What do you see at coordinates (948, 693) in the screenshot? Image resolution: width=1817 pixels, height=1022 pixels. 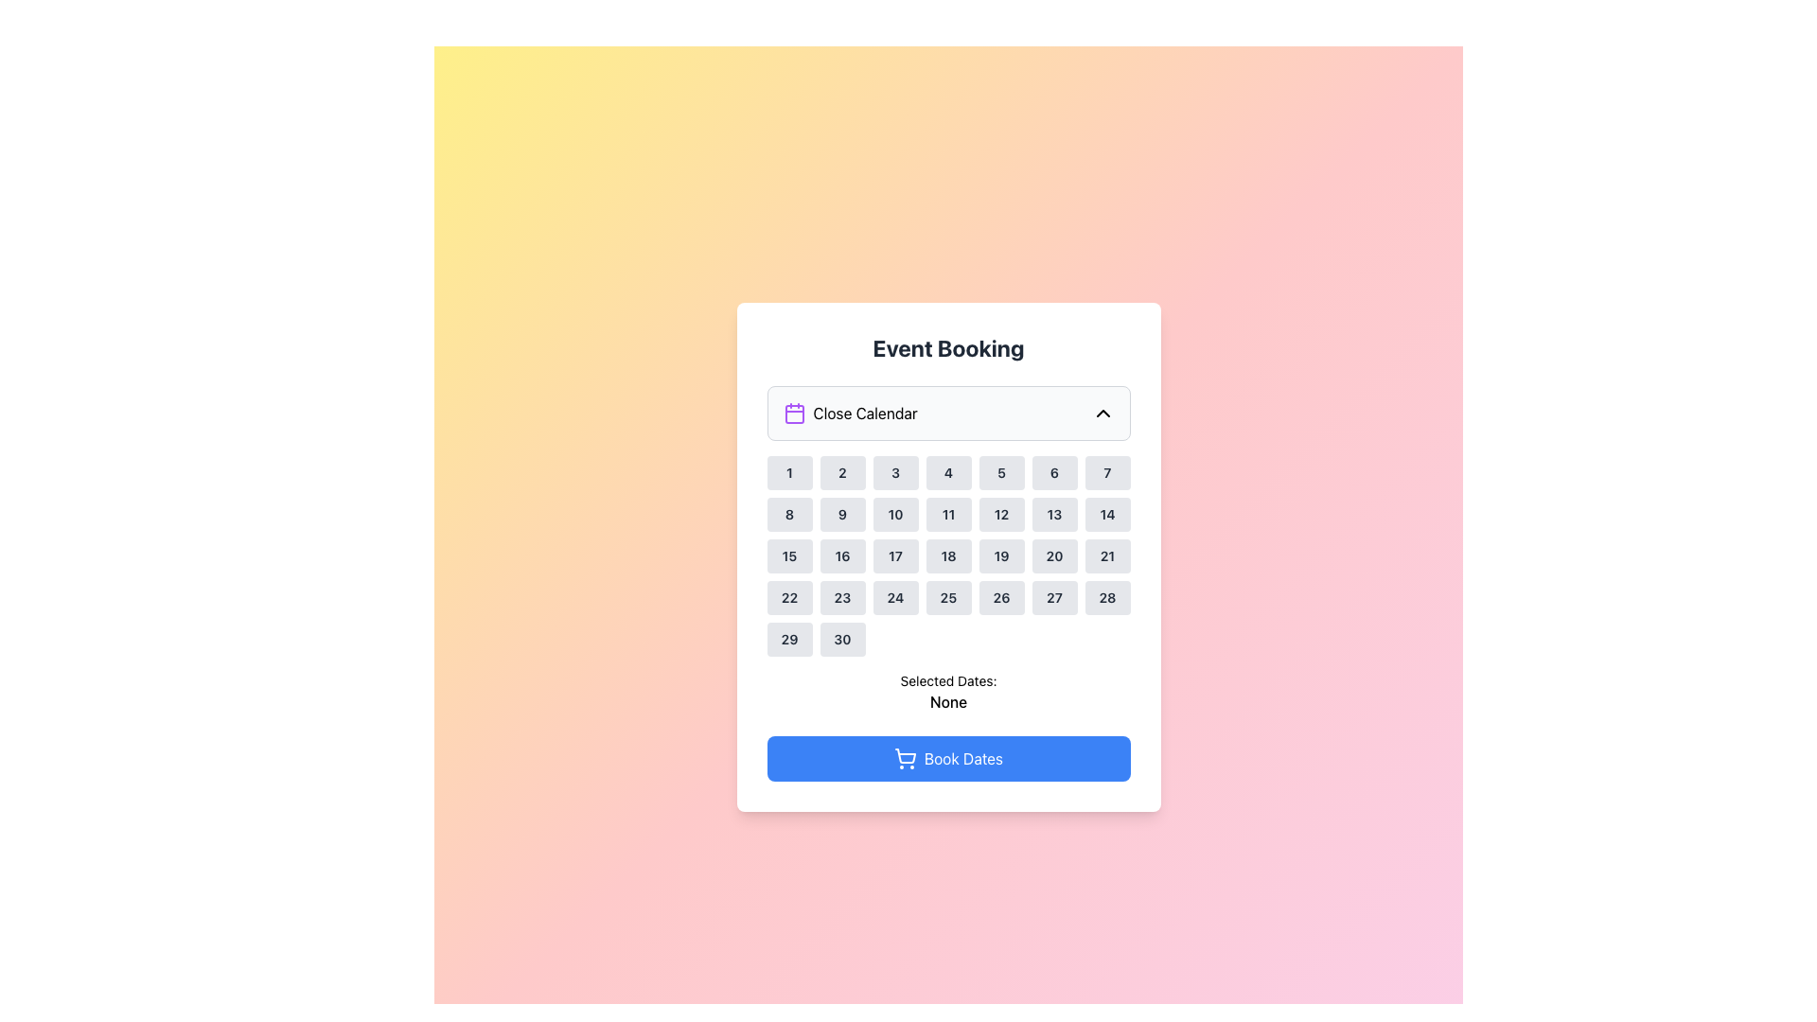 I see `the text display component that shows 'Selected Dates: None' in the Event Booking UI, located below the calendar grid and above the 'Book Dates' button` at bounding box center [948, 693].